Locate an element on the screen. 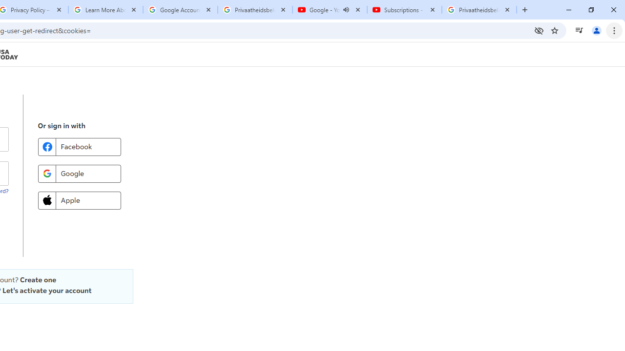 This screenshot has height=351, width=625. 'Google - YouTube - Audio playing' is located at coordinates (330, 10).